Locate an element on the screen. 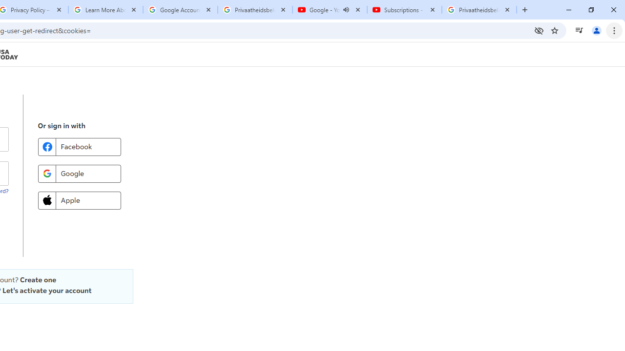 This screenshot has height=351, width=625. 'Google - YouTube - Audio playing' is located at coordinates (330, 10).